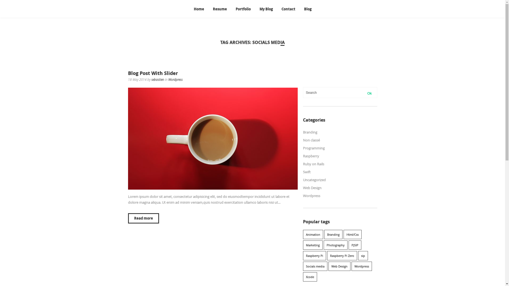 This screenshot has width=509, height=286. Describe the element at coordinates (134, 218) in the screenshot. I see `'Read more'` at that location.